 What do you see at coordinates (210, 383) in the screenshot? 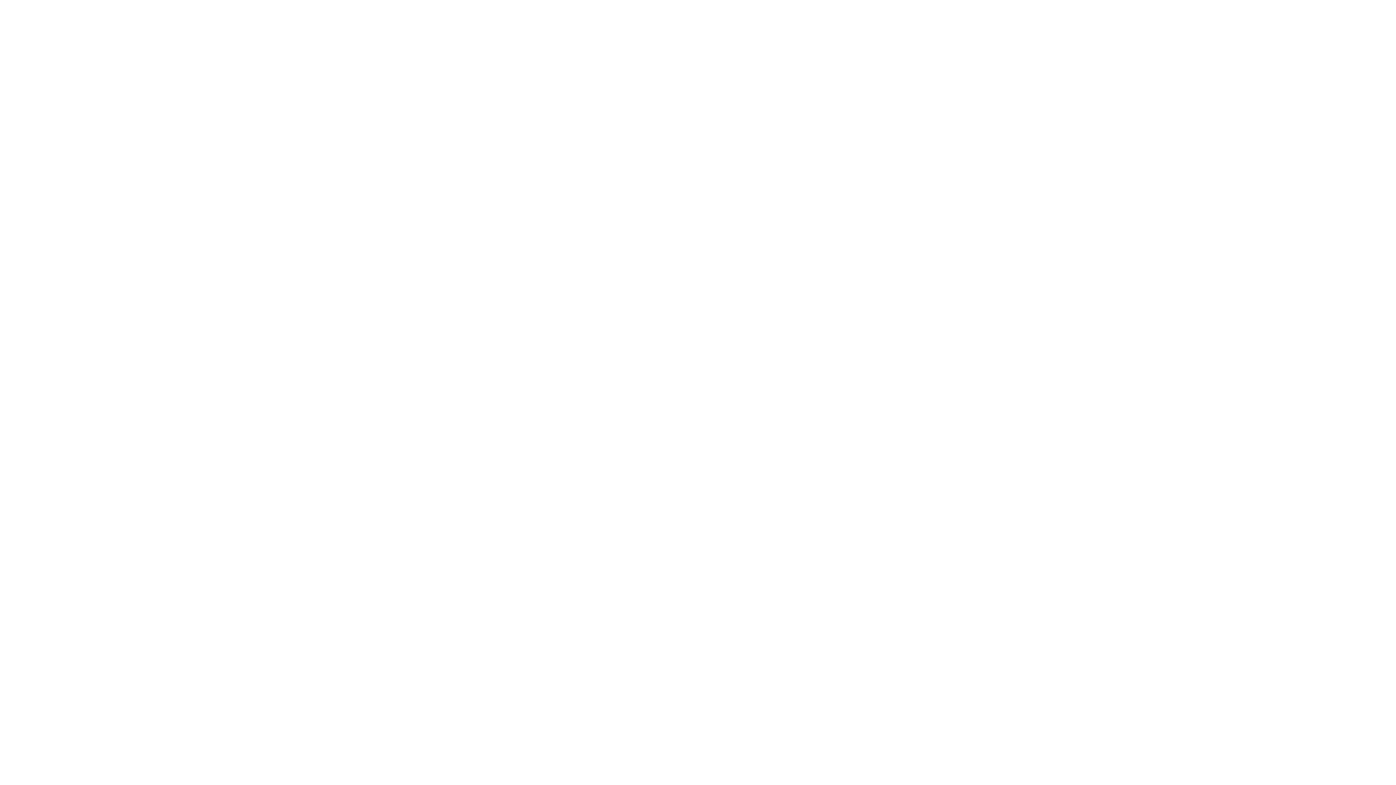
I see `LISTEN & SUBSCRIBE` at bounding box center [210, 383].